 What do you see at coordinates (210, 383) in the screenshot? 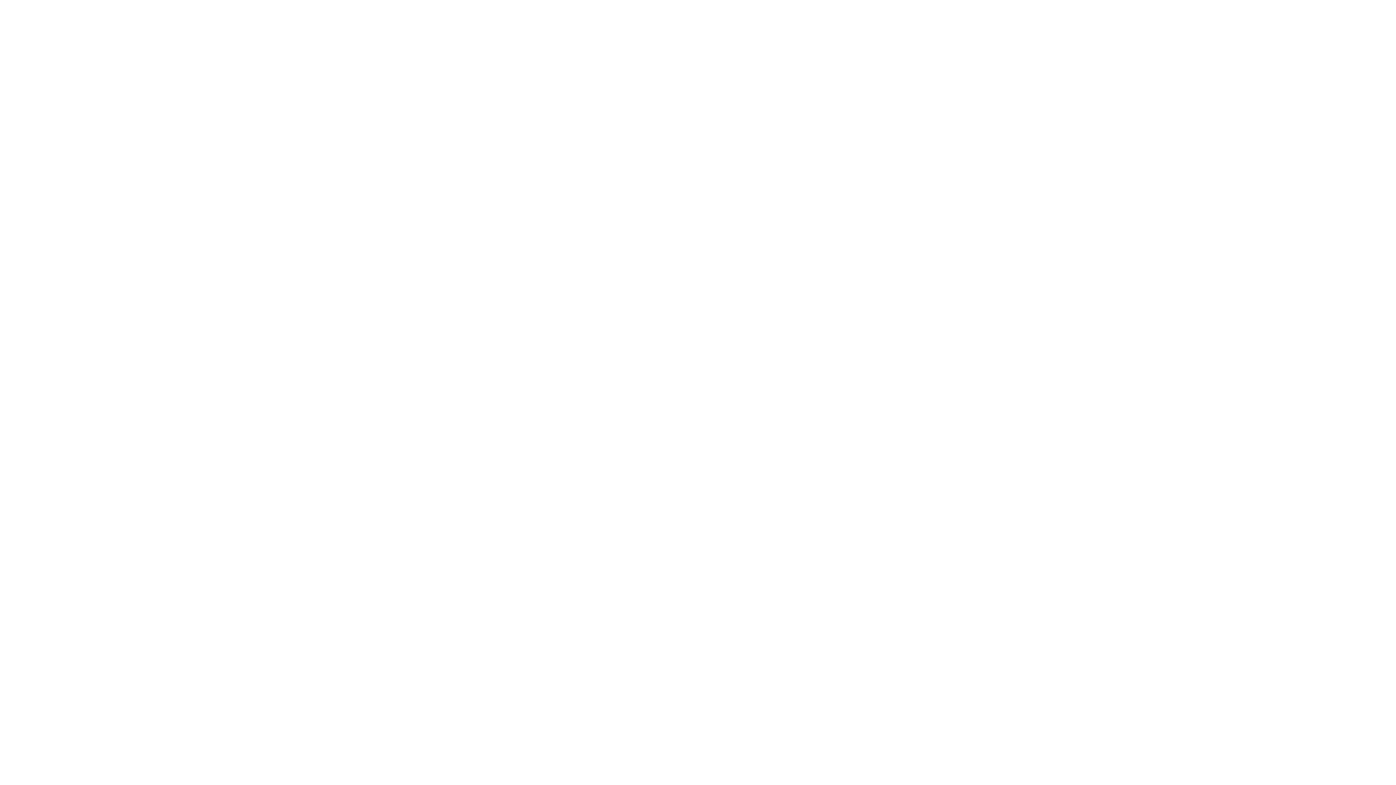
I see `LISTEN & SUBSCRIBE` at bounding box center [210, 383].